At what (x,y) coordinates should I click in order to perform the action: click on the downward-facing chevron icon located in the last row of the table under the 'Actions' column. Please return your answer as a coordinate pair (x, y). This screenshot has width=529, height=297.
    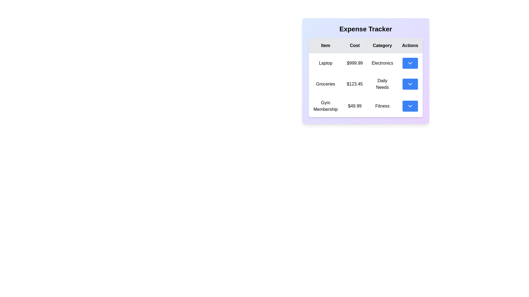
    Looking at the image, I should click on (410, 106).